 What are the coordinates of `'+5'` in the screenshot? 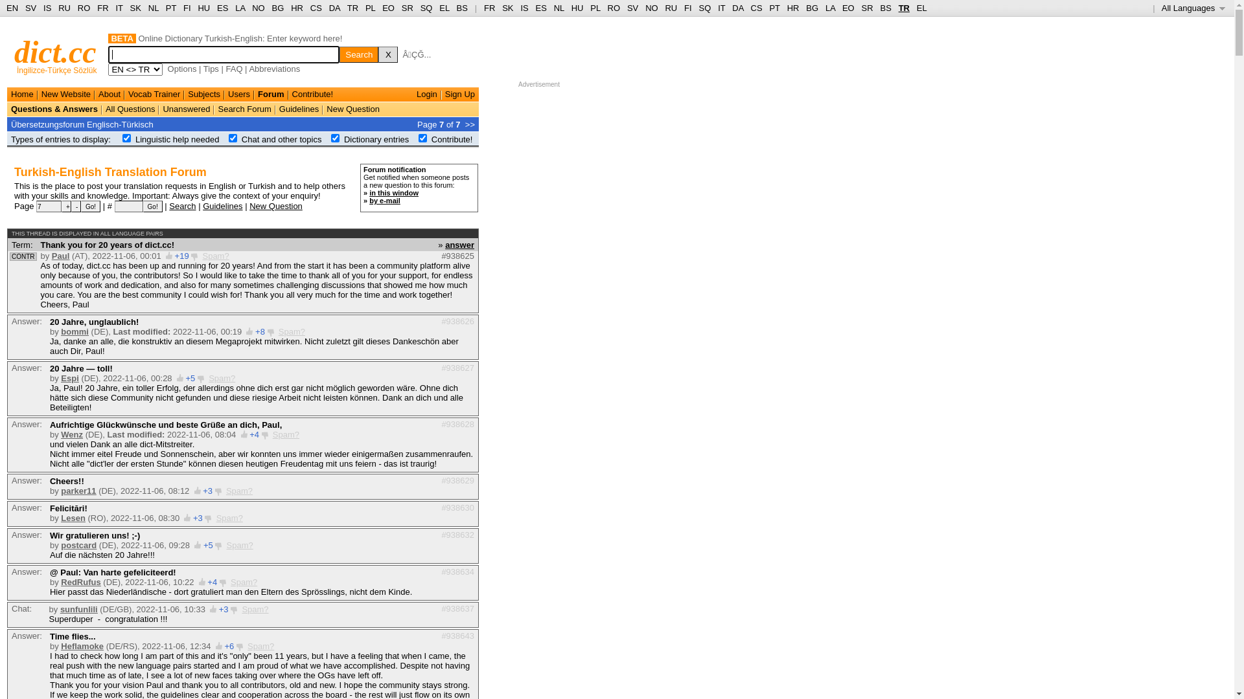 It's located at (208, 545).